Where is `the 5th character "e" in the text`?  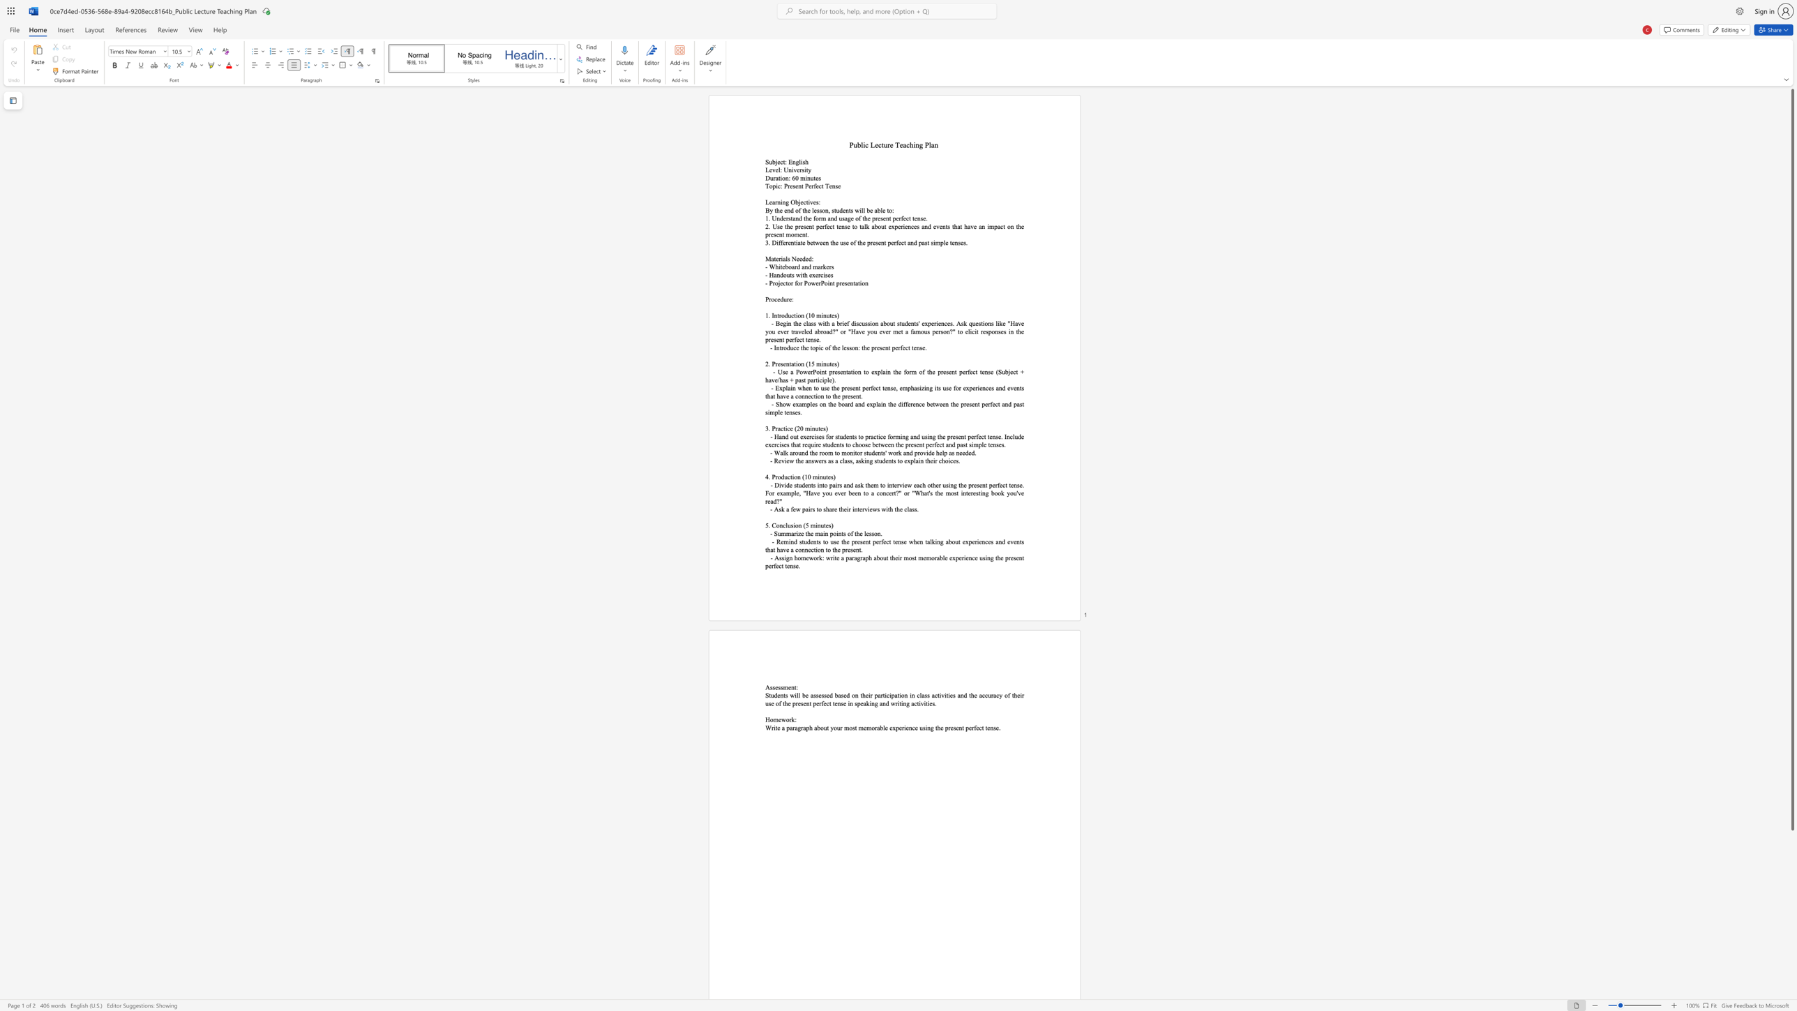
the 5th character "e" in the text is located at coordinates (946, 558).